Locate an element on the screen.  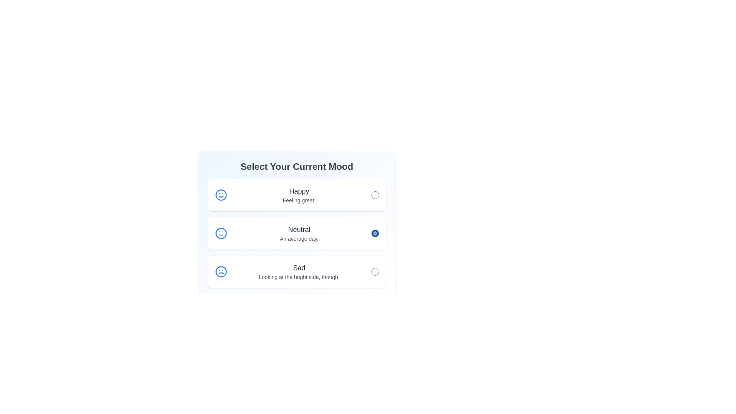
the 'Neutral' mood selection radio button in the mood selection list is located at coordinates (296, 233).